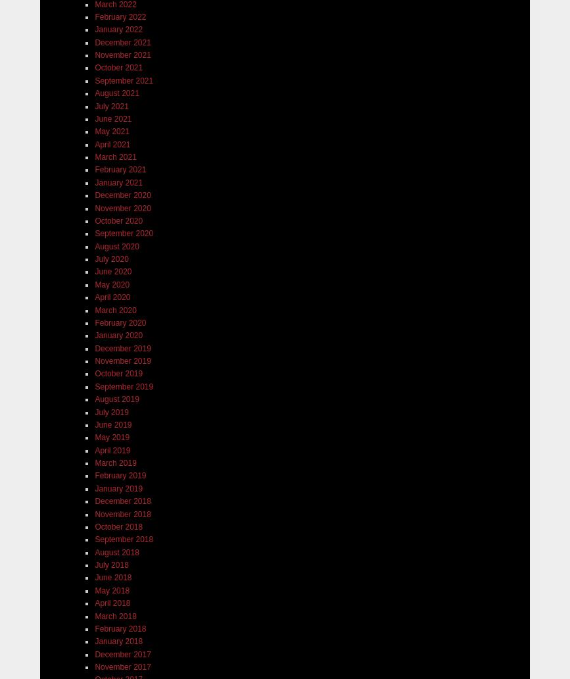 The height and width of the screenshot is (679, 570). What do you see at coordinates (111, 259) in the screenshot?
I see `'July 2020'` at bounding box center [111, 259].